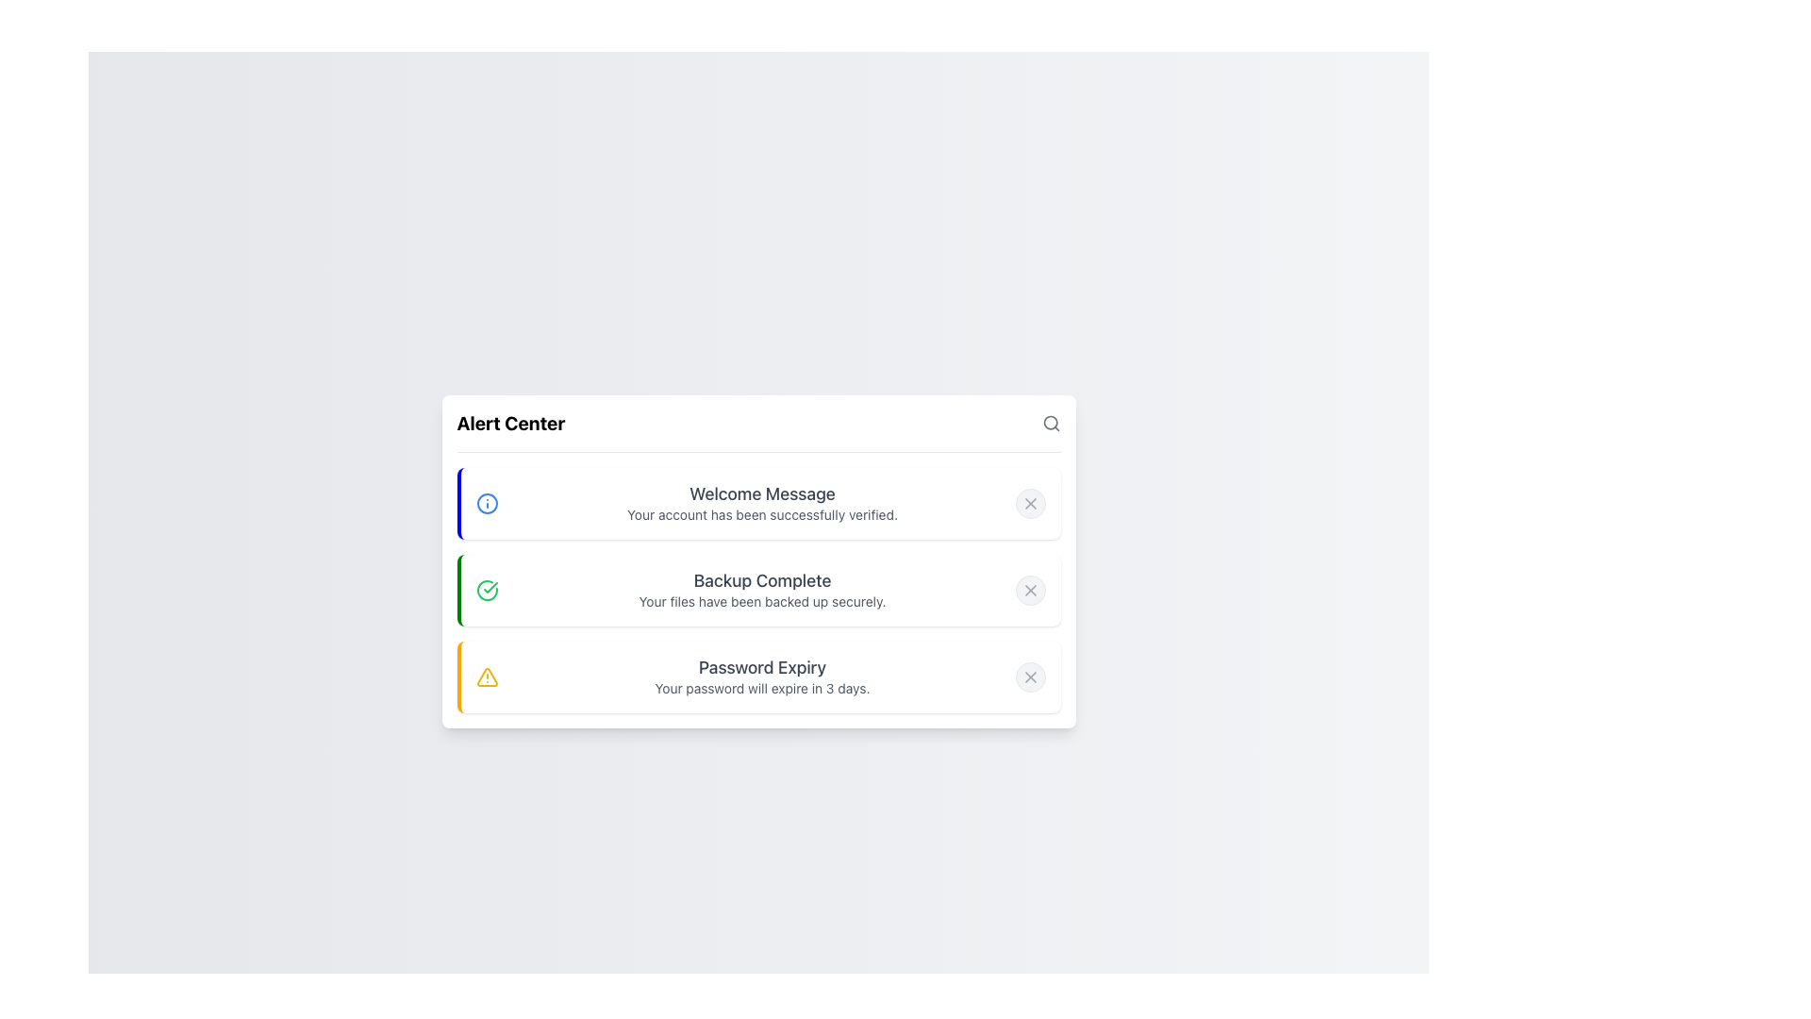  What do you see at coordinates (1029, 502) in the screenshot?
I see `the circular button with a gray border and 'X' icon located in the upper right corner of the 'Welcome Message' notification box` at bounding box center [1029, 502].